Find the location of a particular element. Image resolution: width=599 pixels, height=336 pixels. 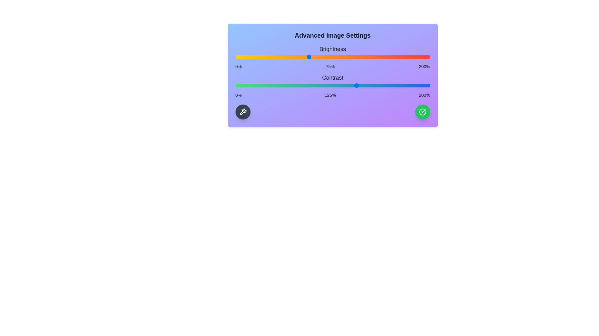

the brightness slider to 75% is located at coordinates (308, 57).